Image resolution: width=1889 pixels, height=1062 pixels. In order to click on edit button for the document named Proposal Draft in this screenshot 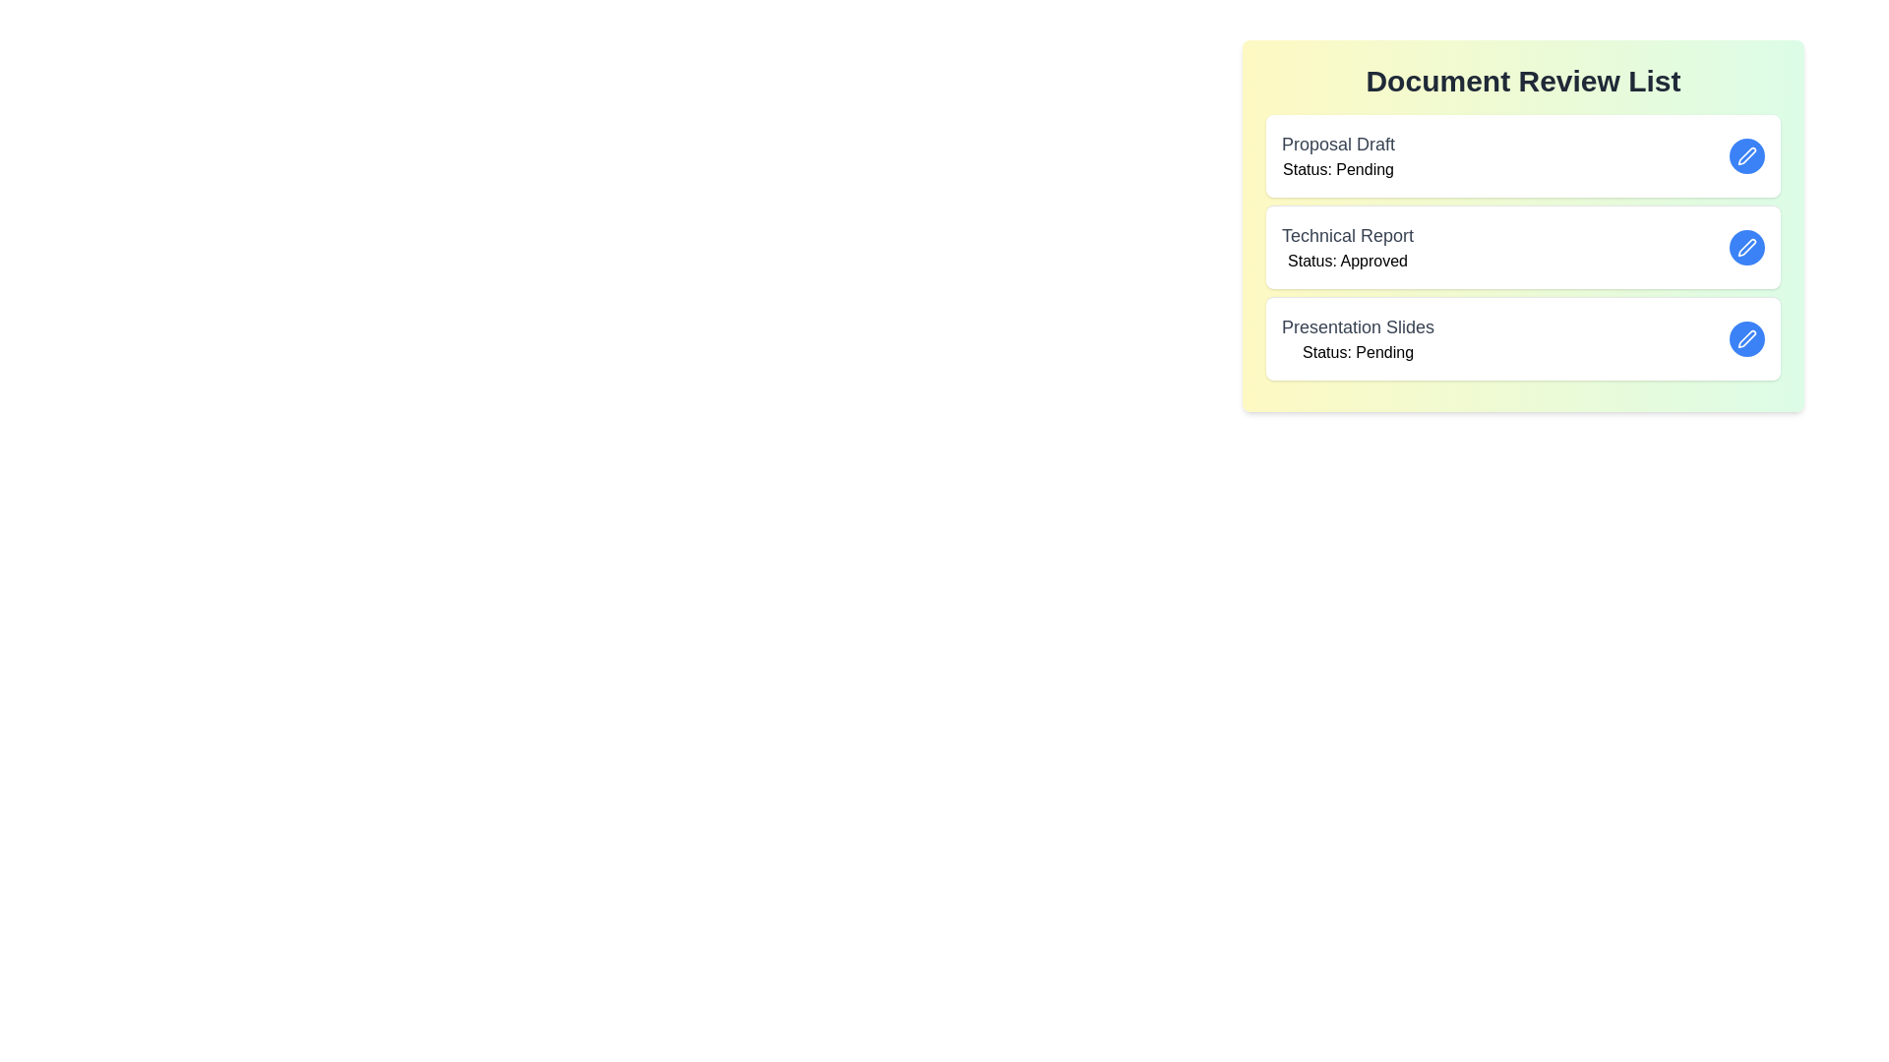, I will do `click(1747, 154)`.